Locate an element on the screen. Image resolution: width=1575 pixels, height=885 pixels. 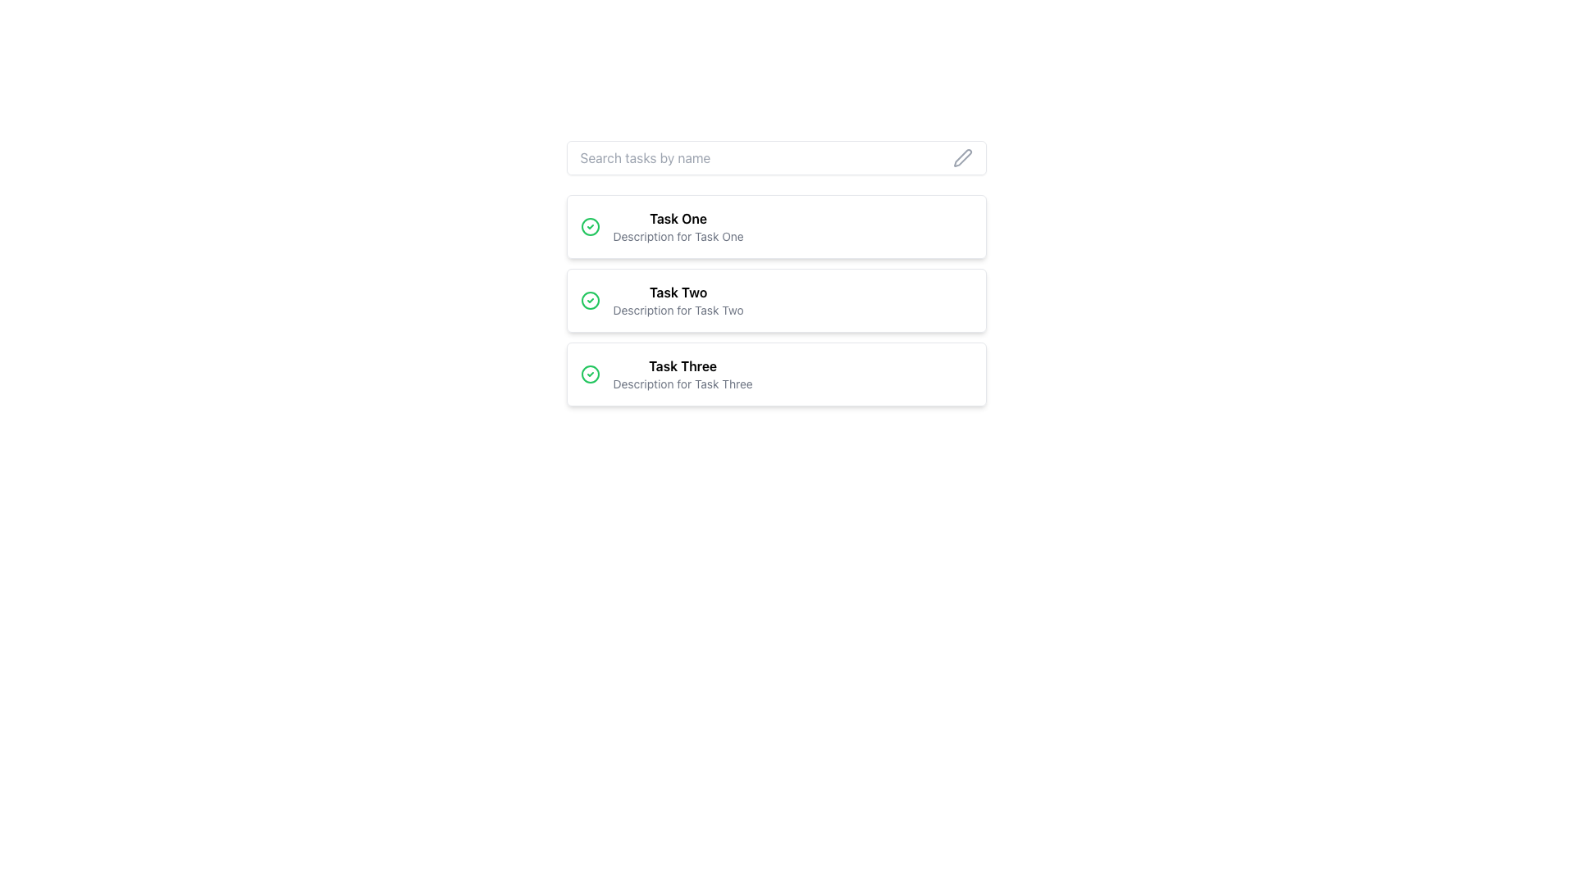
the first task item in the vertical list located directly below the search input box is located at coordinates (775, 227).